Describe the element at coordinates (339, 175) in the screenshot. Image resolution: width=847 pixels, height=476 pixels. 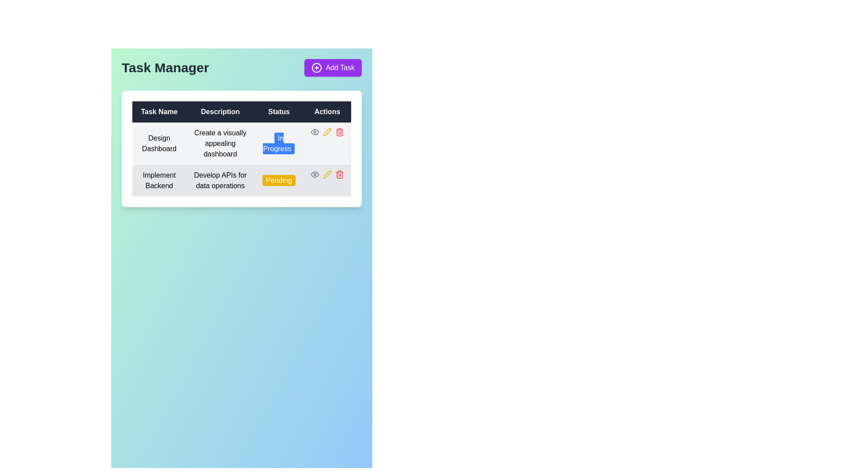
I see `the delete button icon located at the right edge of the second row in the task manager interface` at that location.